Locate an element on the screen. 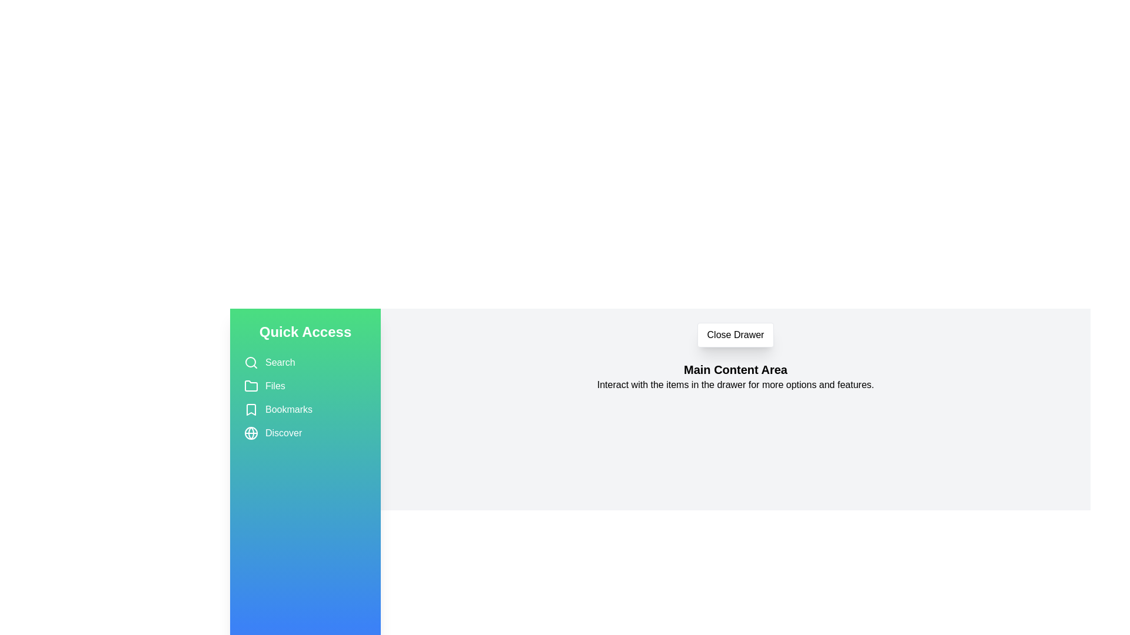 The width and height of the screenshot is (1130, 635). the item Discover in the drawer to select it is located at coordinates (305, 433).